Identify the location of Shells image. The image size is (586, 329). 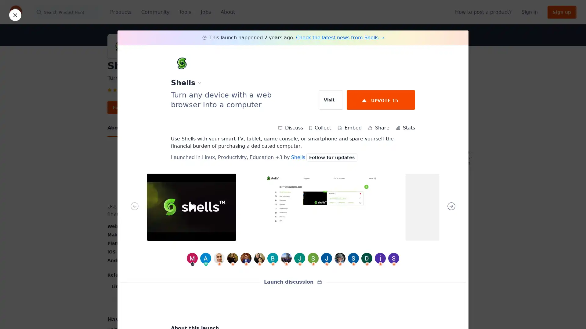
(271, 174).